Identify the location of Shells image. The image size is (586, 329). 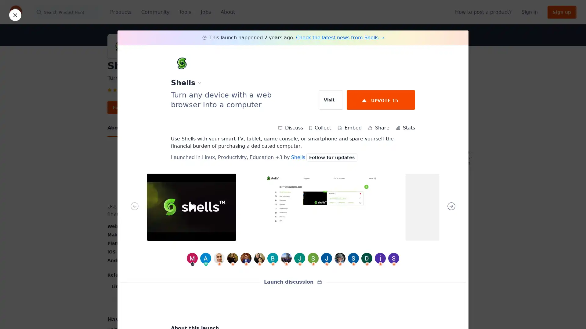
(271, 174).